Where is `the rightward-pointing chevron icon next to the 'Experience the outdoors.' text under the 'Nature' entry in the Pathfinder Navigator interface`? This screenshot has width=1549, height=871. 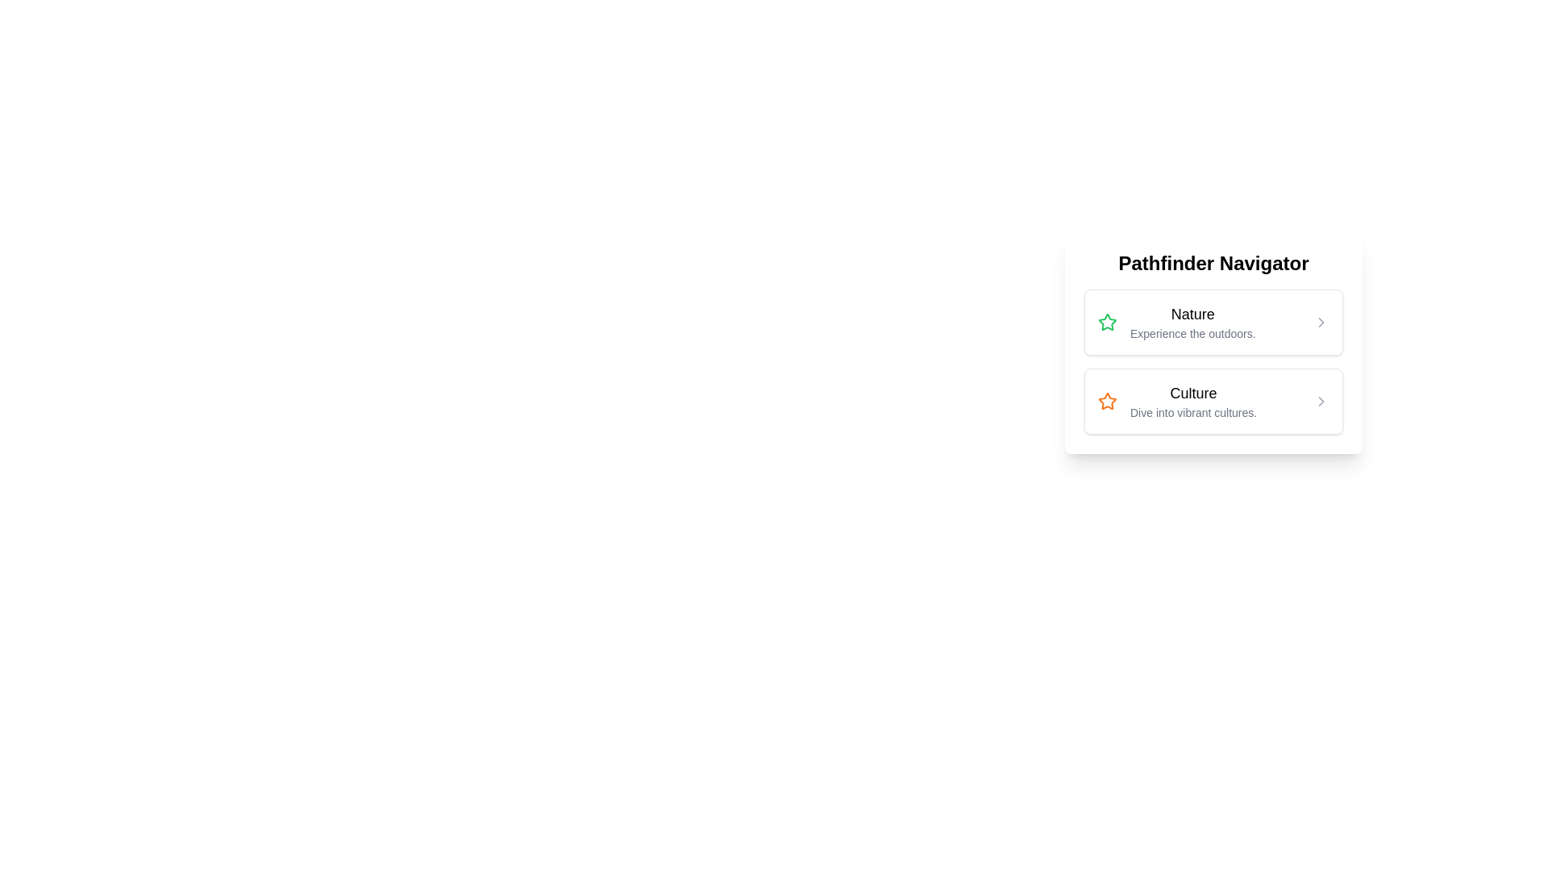 the rightward-pointing chevron icon next to the 'Experience the outdoors.' text under the 'Nature' entry in the Pathfinder Navigator interface is located at coordinates (1321, 323).